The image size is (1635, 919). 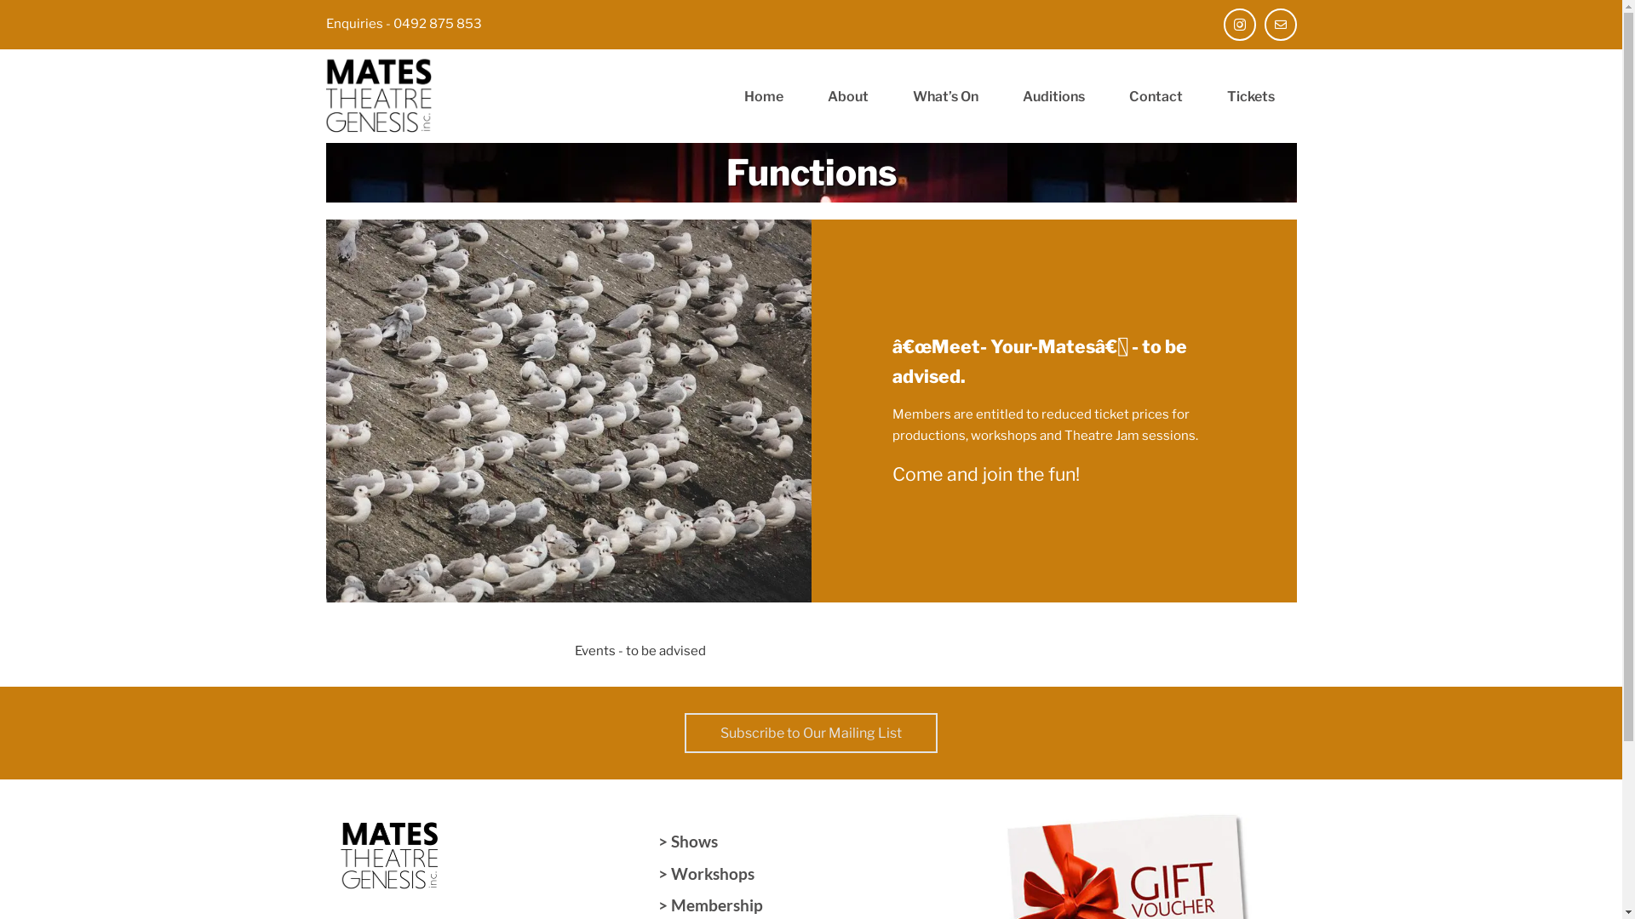 I want to click on 'Company-Brand-LogoType_Black_300ppi', so click(x=325, y=95).